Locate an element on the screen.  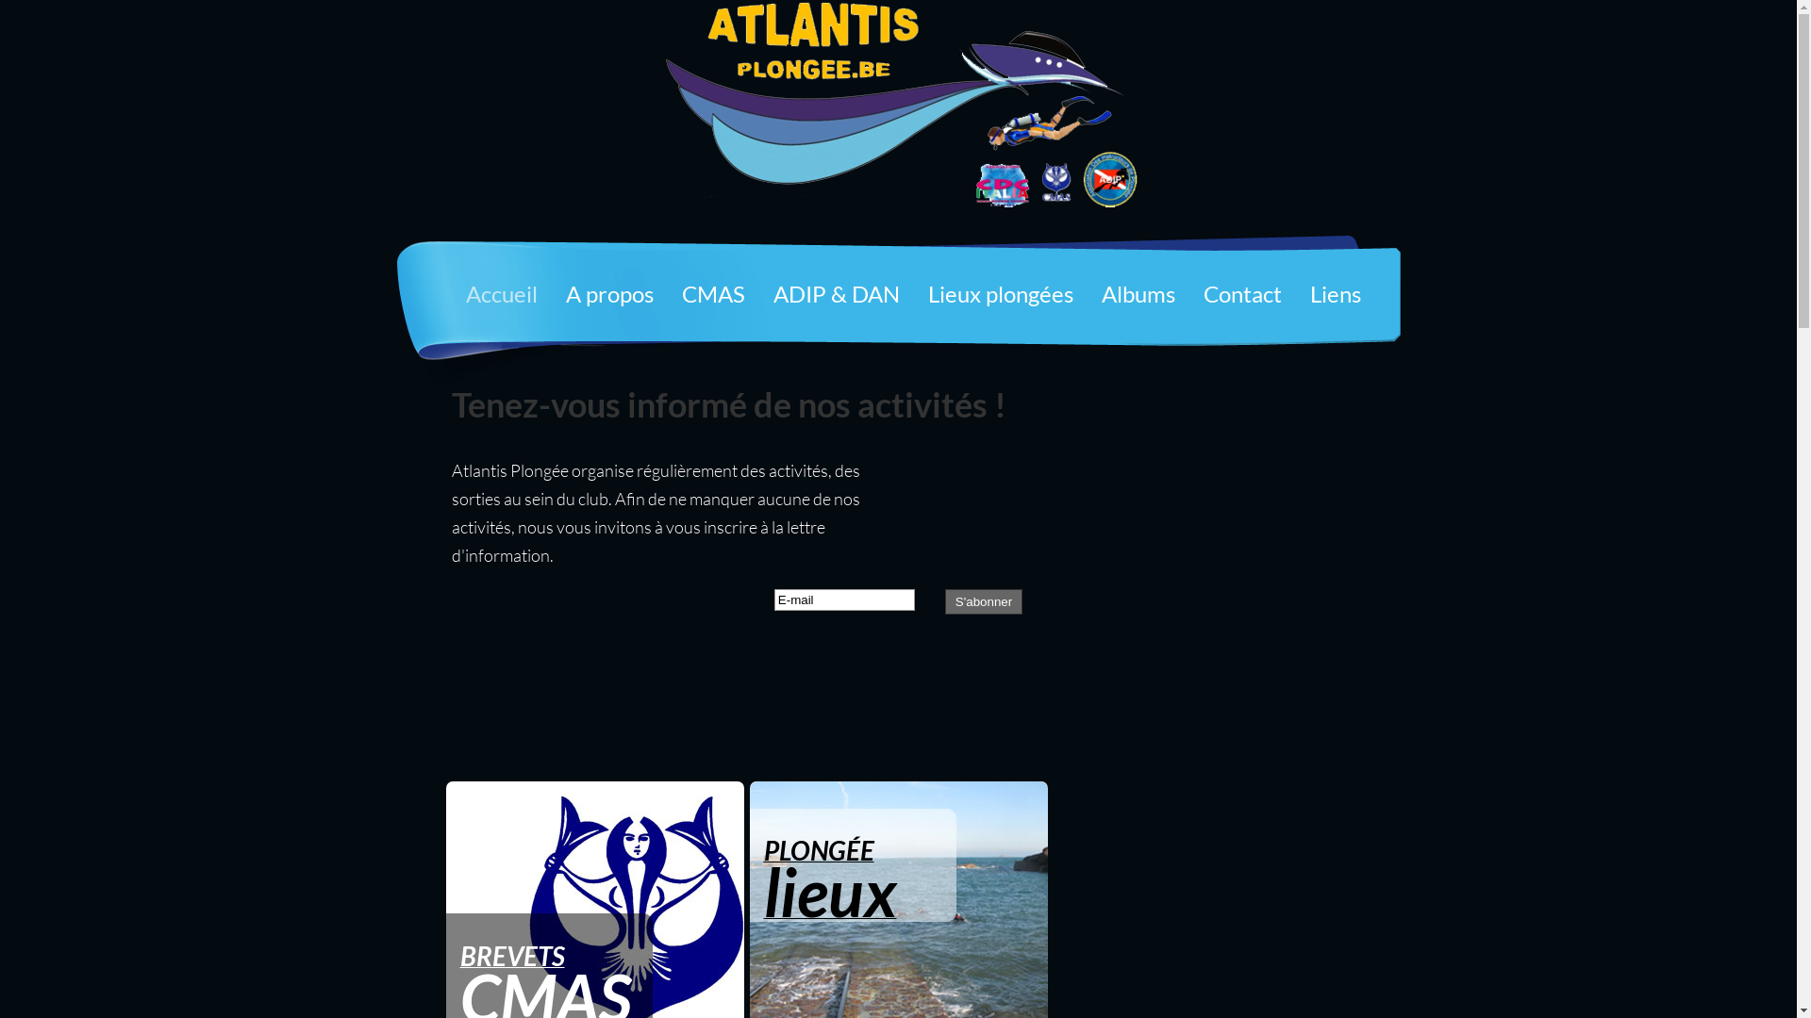
'Accueil' is located at coordinates (450, 298).